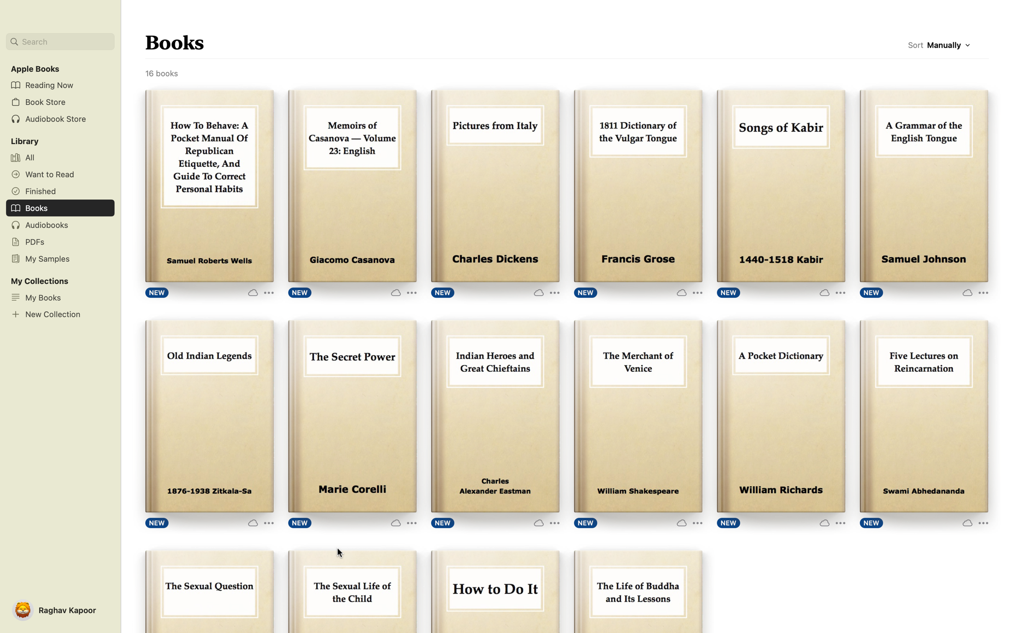 This screenshot has height=633, width=1013. Describe the element at coordinates (545, 522) in the screenshot. I see `the "More Options" button for the book "Indian Heroes" to see additional options` at that location.